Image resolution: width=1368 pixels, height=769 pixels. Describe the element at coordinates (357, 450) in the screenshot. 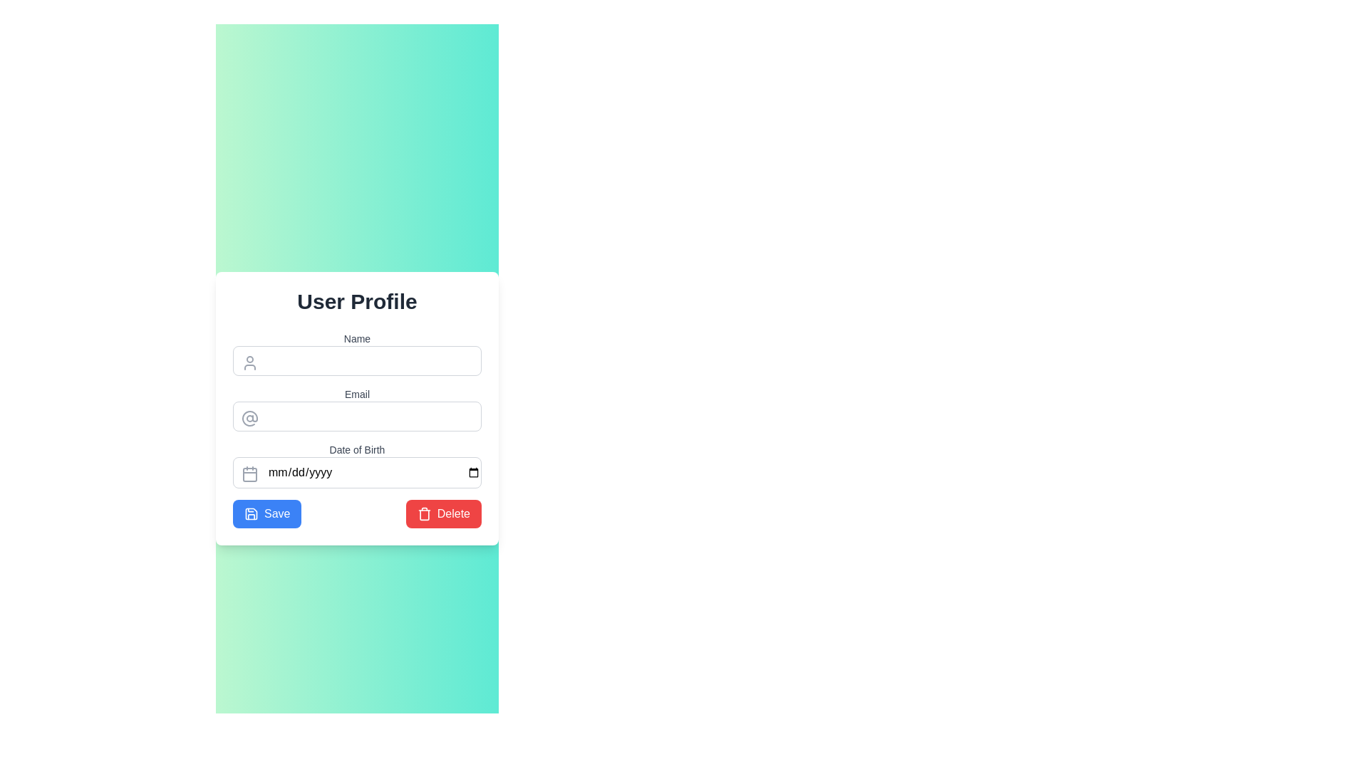

I see `the 'Date of Birth' label element, which is styled in gray and located above the date input field in the 'User Profile' form` at that location.